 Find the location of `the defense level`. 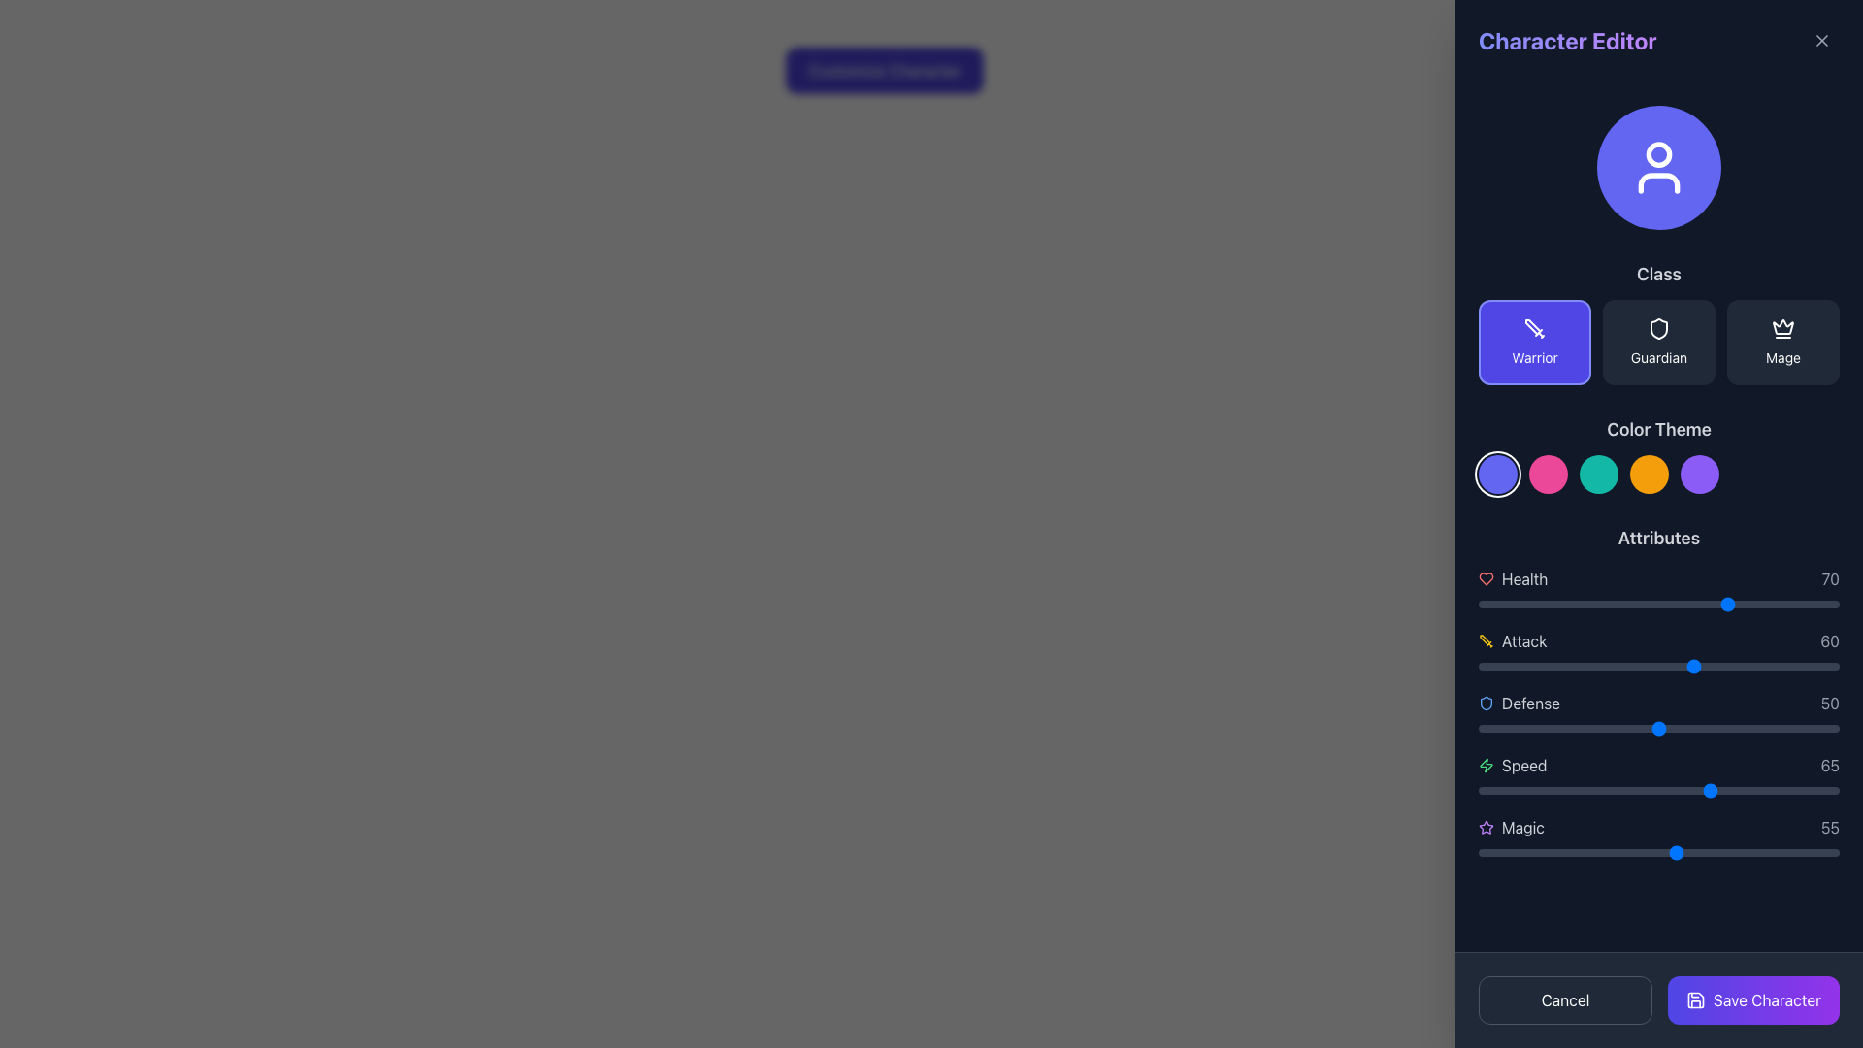

the defense level is located at coordinates (1694, 729).